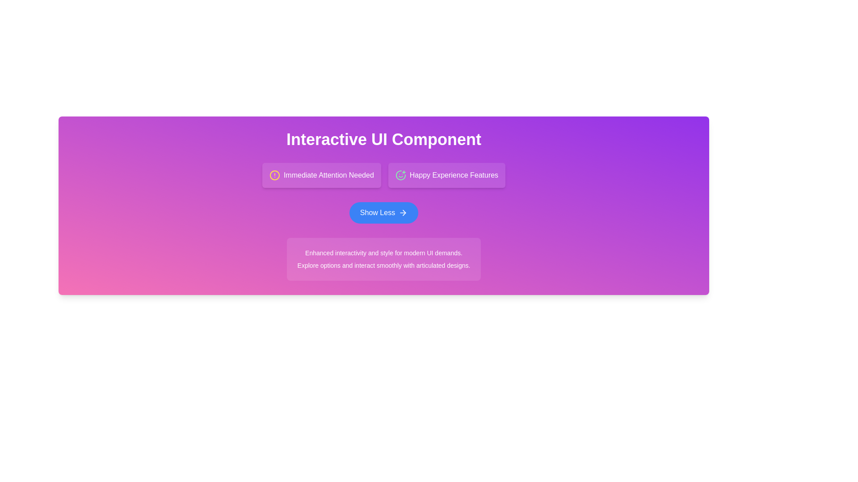 The height and width of the screenshot is (482, 858). I want to click on the pill-shaped button with a purple background and white text reading 'Happy Experience Features', so click(446, 175).